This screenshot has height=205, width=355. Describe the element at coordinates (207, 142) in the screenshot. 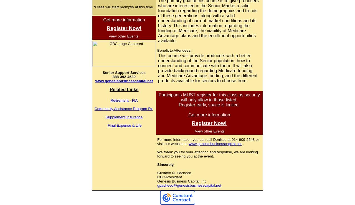

I see `'For more information you can call Denisse at 914-909-2548 or visit our website at'` at that location.